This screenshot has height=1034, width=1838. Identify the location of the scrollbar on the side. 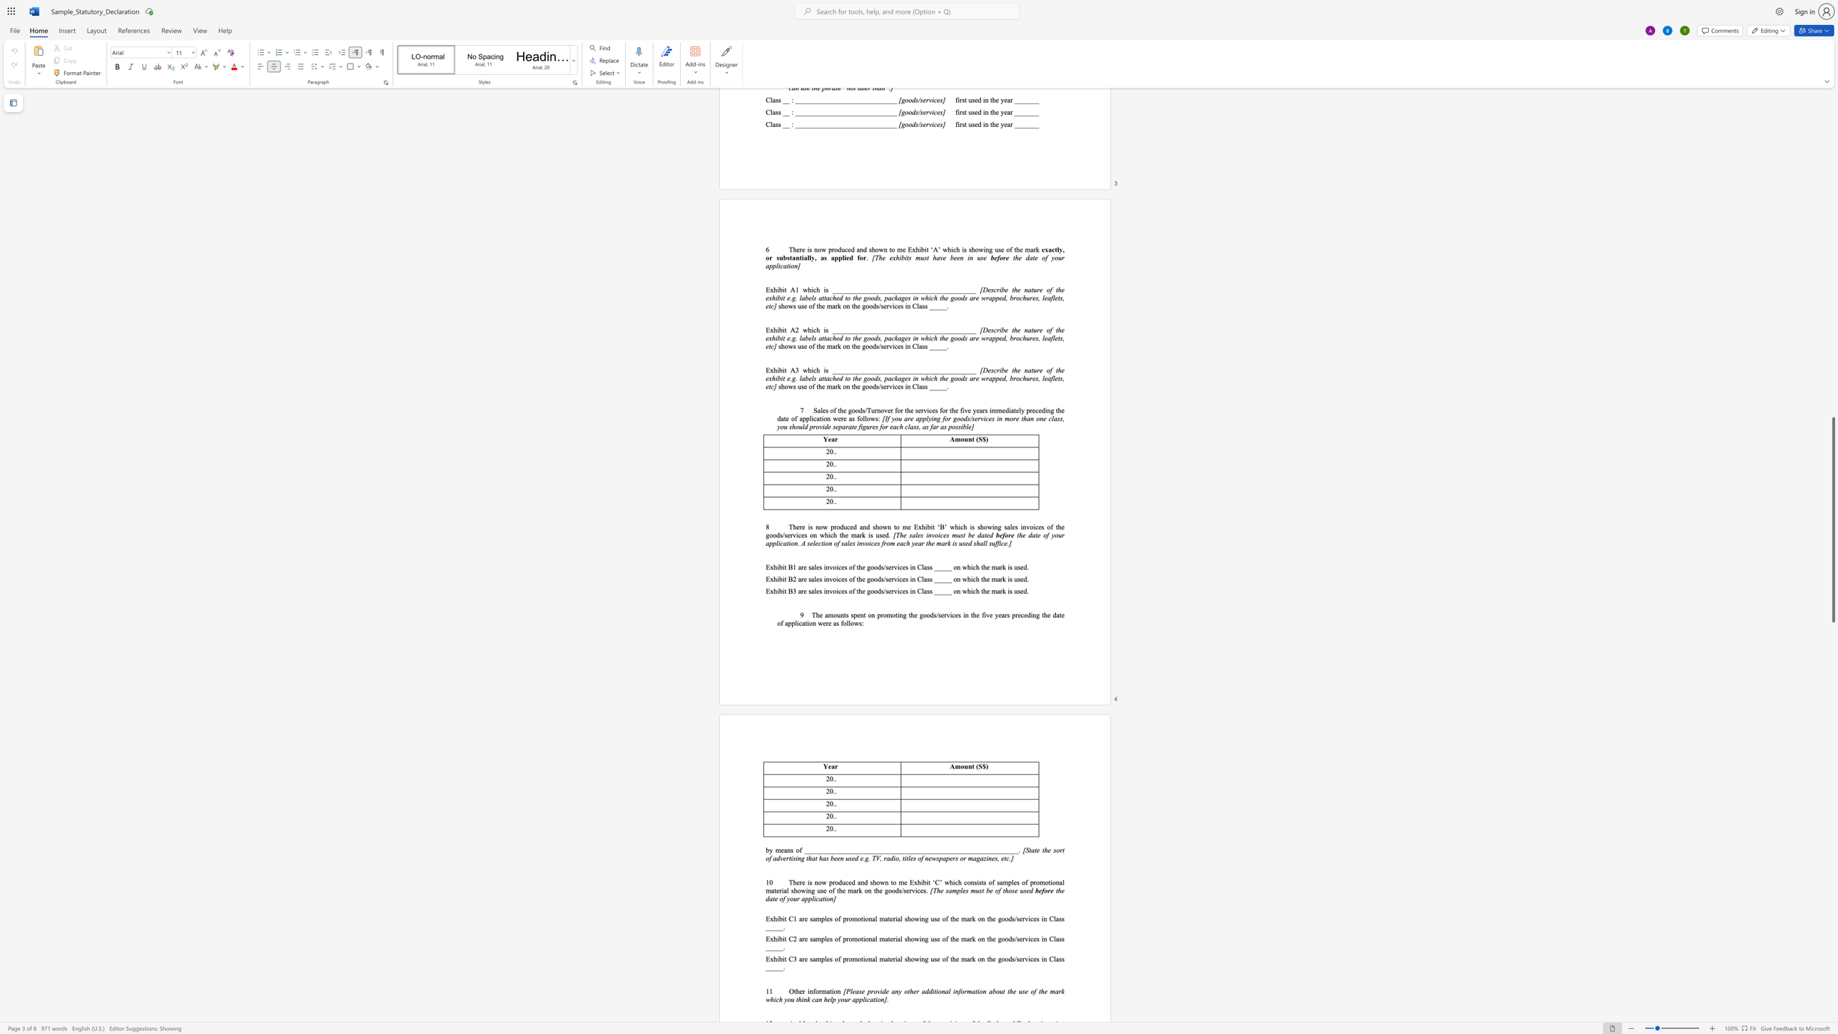
(1832, 473).